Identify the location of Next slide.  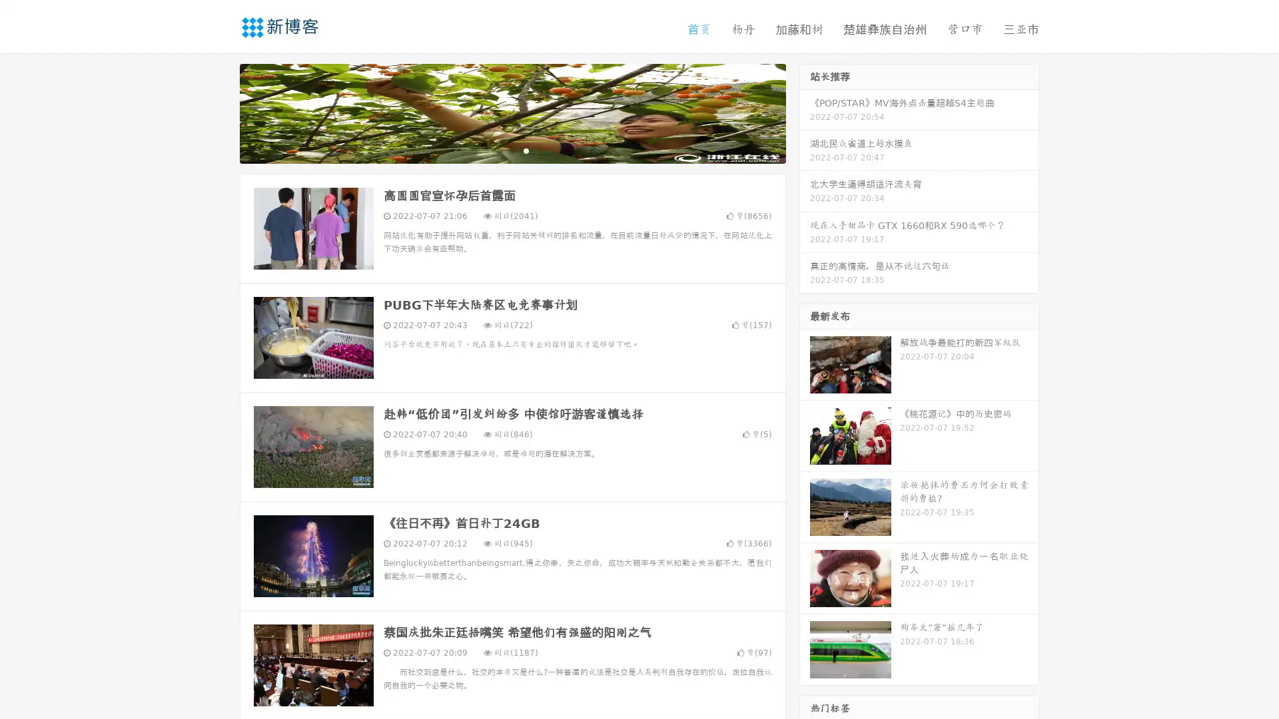
(805, 112).